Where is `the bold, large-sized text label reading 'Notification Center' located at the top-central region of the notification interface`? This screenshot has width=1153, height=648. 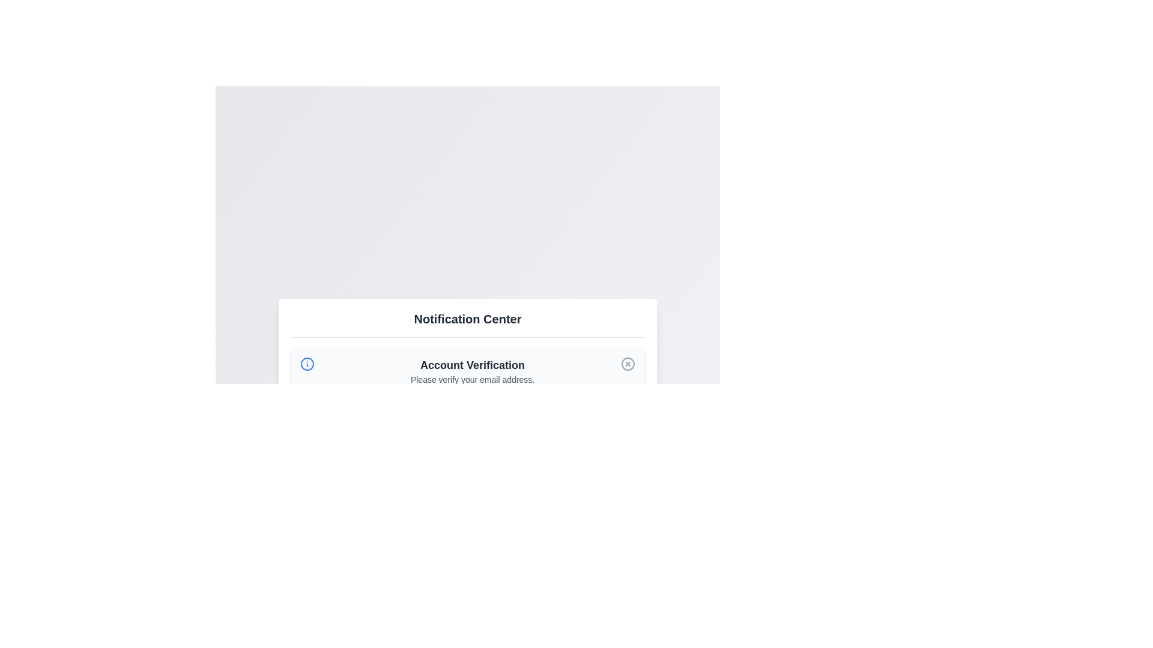
the bold, large-sized text label reading 'Notification Center' located at the top-central region of the notification interface is located at coordinates (467, 318).